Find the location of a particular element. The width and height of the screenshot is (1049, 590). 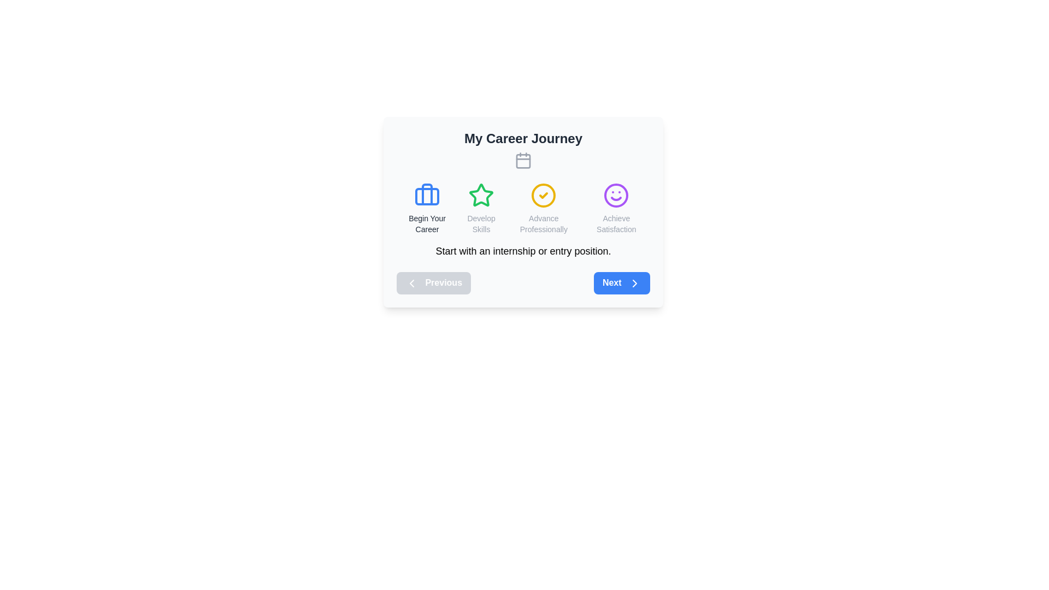

the icon with a smiling face outlined in a purple circle and the label 'Achieve Satisfaction' located at the bottom of the 'My Career Journey' section is located at coordinates (616, 208).